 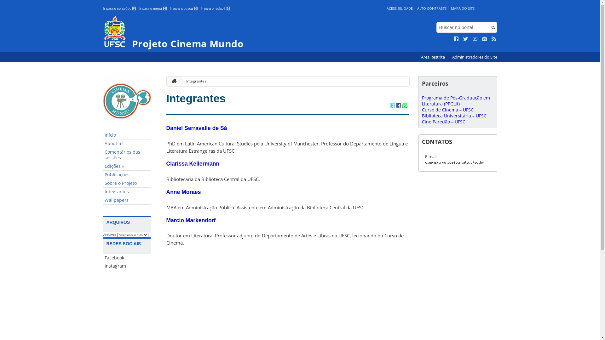 What do you see at coordinates (462, 8) in the screenshot?
I see `'MAPA DO SITE'` at bounding box center [462, 8].